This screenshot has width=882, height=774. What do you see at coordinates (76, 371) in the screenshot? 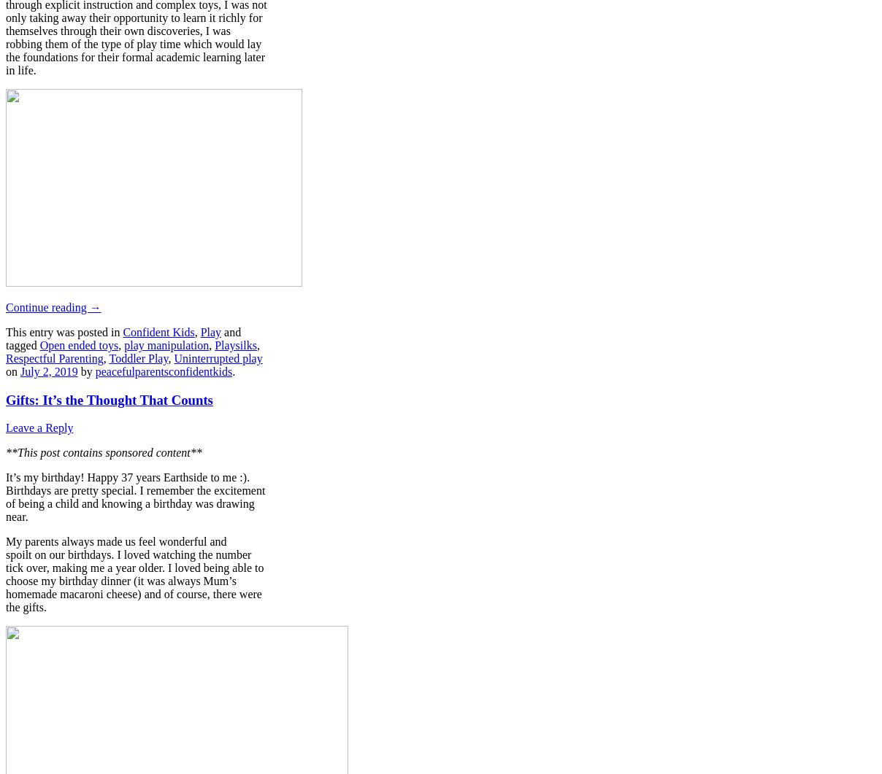
I see `'by'` at bounding box center [76, 371].